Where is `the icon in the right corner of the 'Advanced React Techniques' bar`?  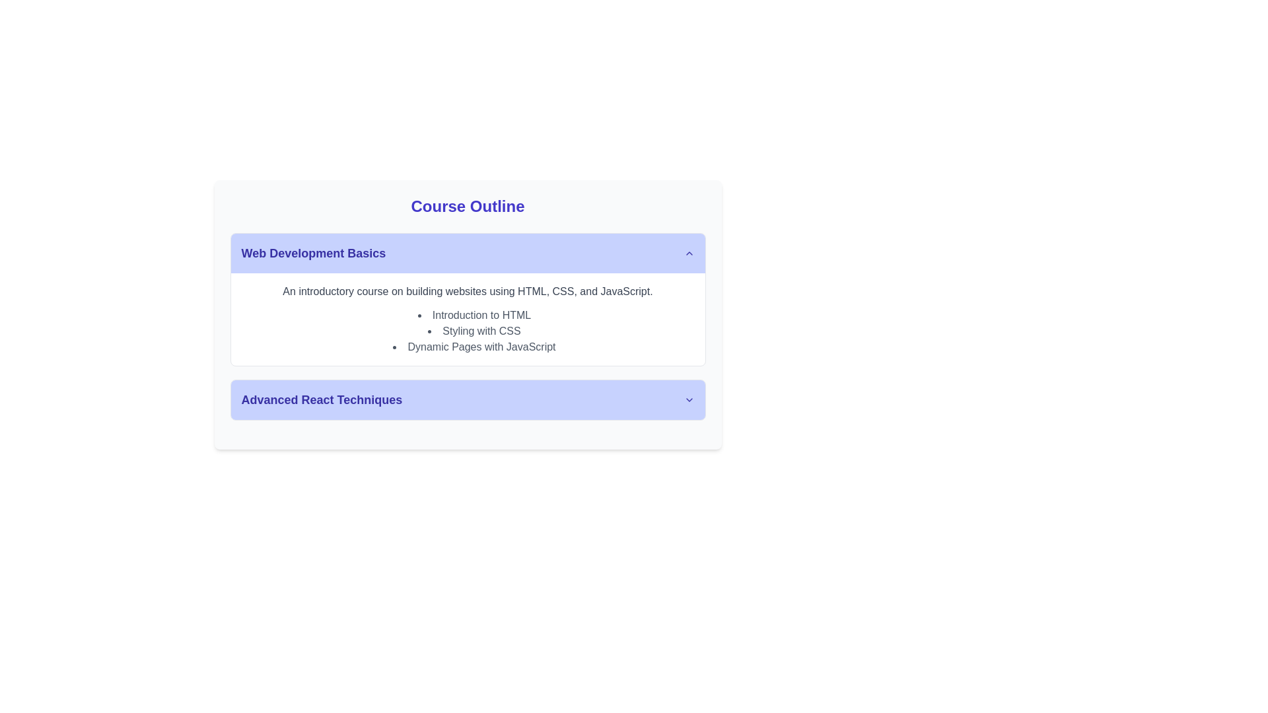 the icon in the right corner of the 'Advanced React Techniques' bar is located at coordinates (688, 399).